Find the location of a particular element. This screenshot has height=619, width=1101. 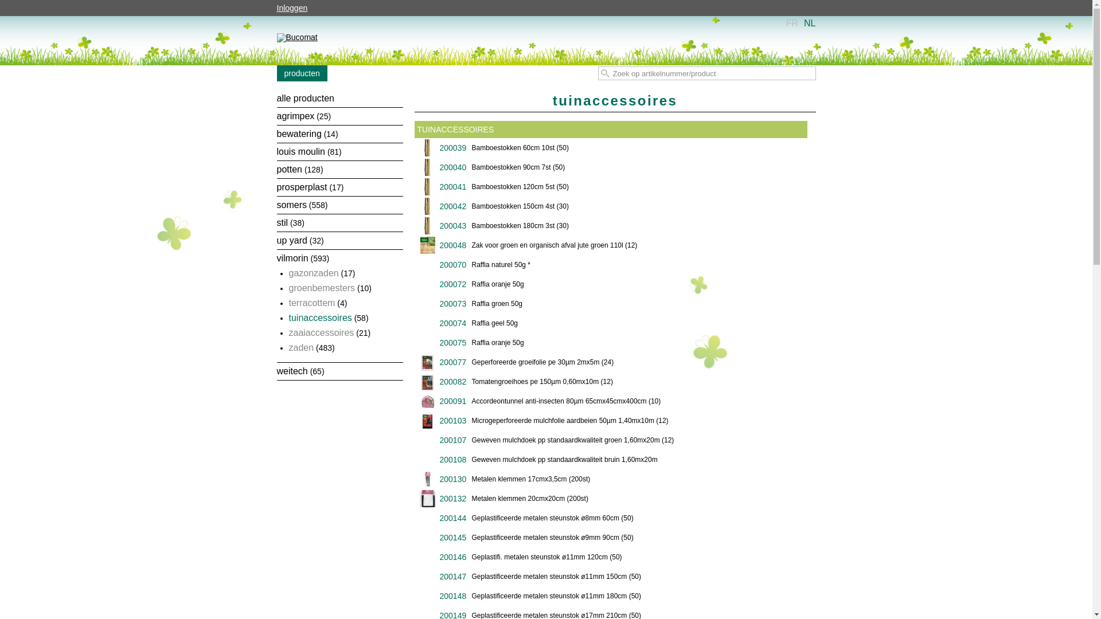

'somers' is located at coordinates (291, 204).